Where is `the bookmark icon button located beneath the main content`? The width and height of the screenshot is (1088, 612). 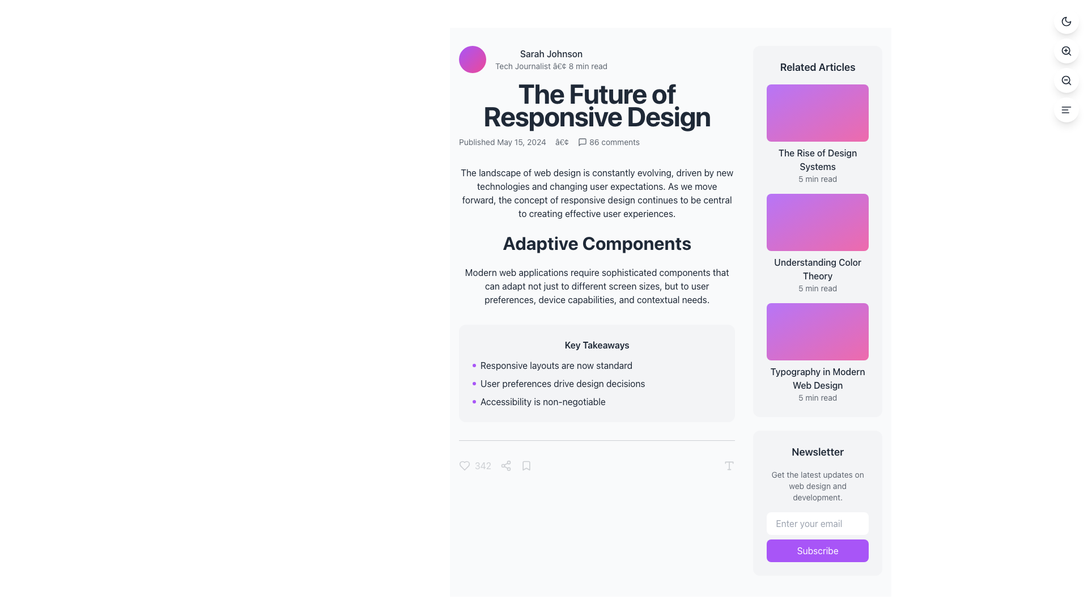 the bookmark icon button located beneath the main content is located at coordinates (526, 465).